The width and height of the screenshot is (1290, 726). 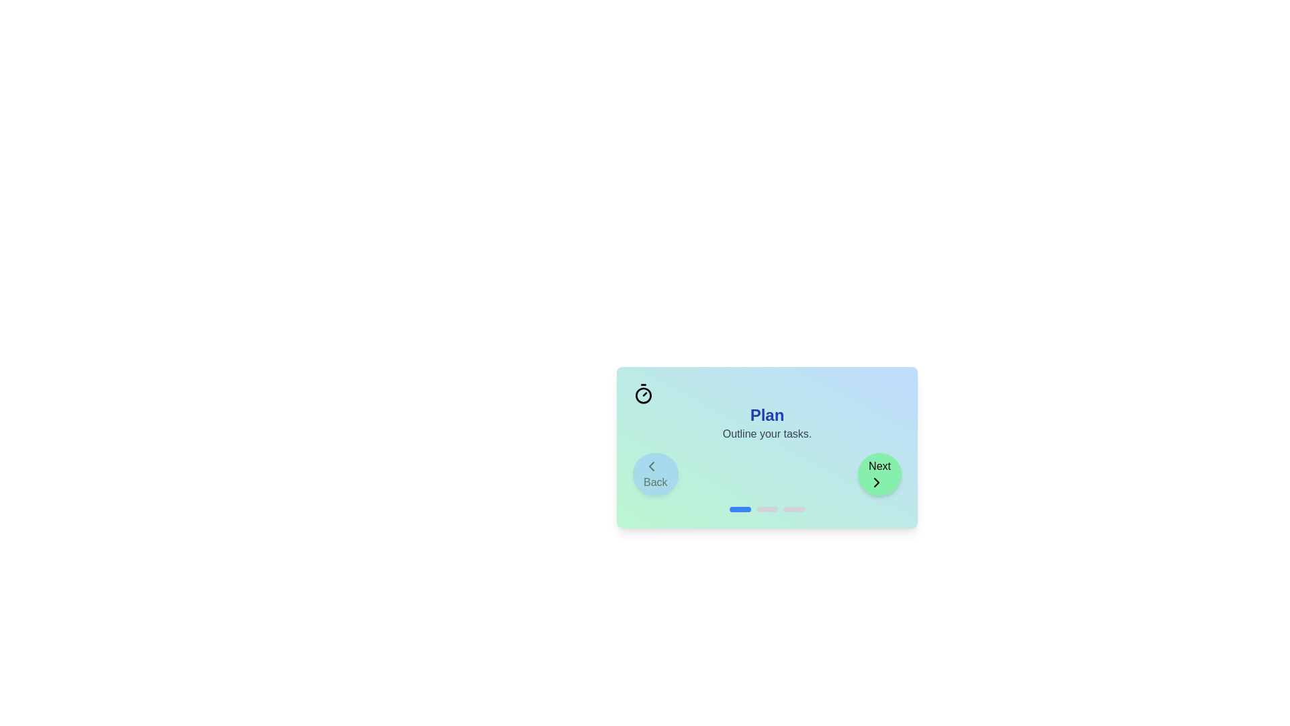 What do you see at coordinates (740, 510) in the screenshot?
I see `the stage indicator corresponding to Plan` at bounding box center [740, 510].